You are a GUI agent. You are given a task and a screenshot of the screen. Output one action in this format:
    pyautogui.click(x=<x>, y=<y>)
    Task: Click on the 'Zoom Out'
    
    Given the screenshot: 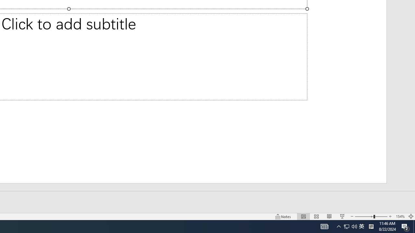 What is the action you would take?
    pyautogui.click(x=364, y=216)
    